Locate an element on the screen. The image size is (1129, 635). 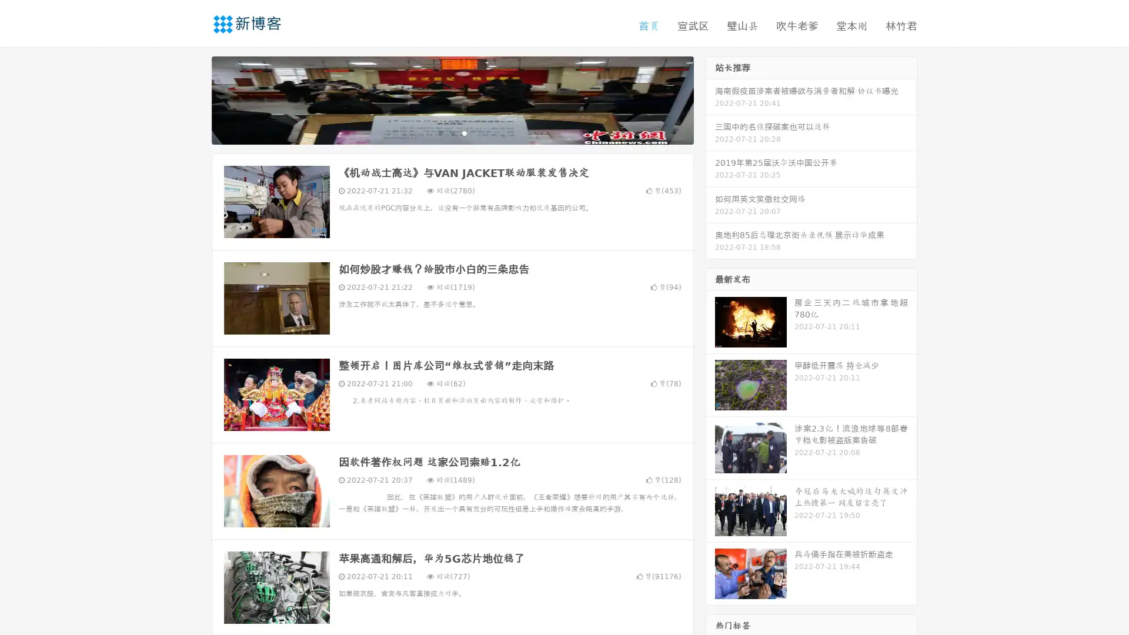
Go to slide 2 is located at coordinates (452, 132).